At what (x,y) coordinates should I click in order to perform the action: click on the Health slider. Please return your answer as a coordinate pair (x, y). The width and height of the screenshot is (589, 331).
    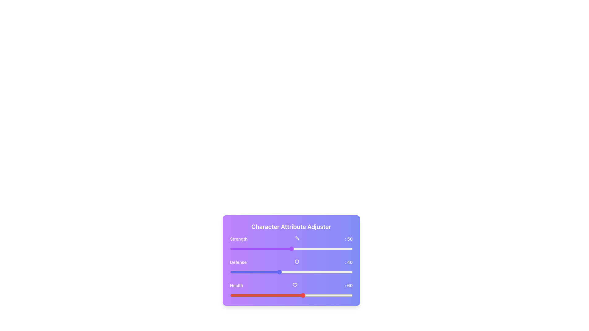
    Looking at the image, I should click on (291, 295).